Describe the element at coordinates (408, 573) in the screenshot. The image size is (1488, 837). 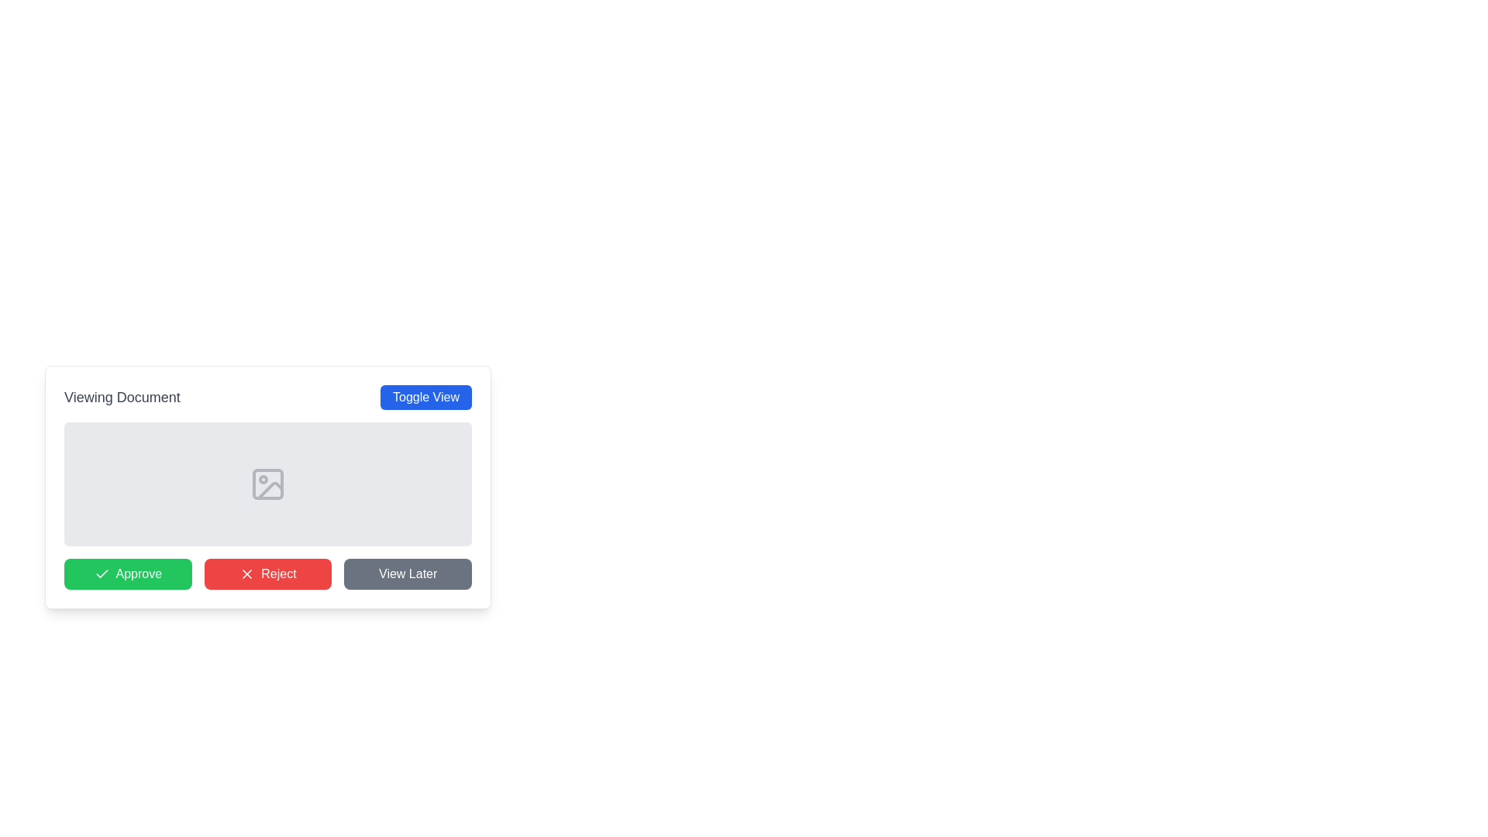
I see `the 'Save' button, which is the third button in a group of three, located to the far-right beneath the main content area` at that location.